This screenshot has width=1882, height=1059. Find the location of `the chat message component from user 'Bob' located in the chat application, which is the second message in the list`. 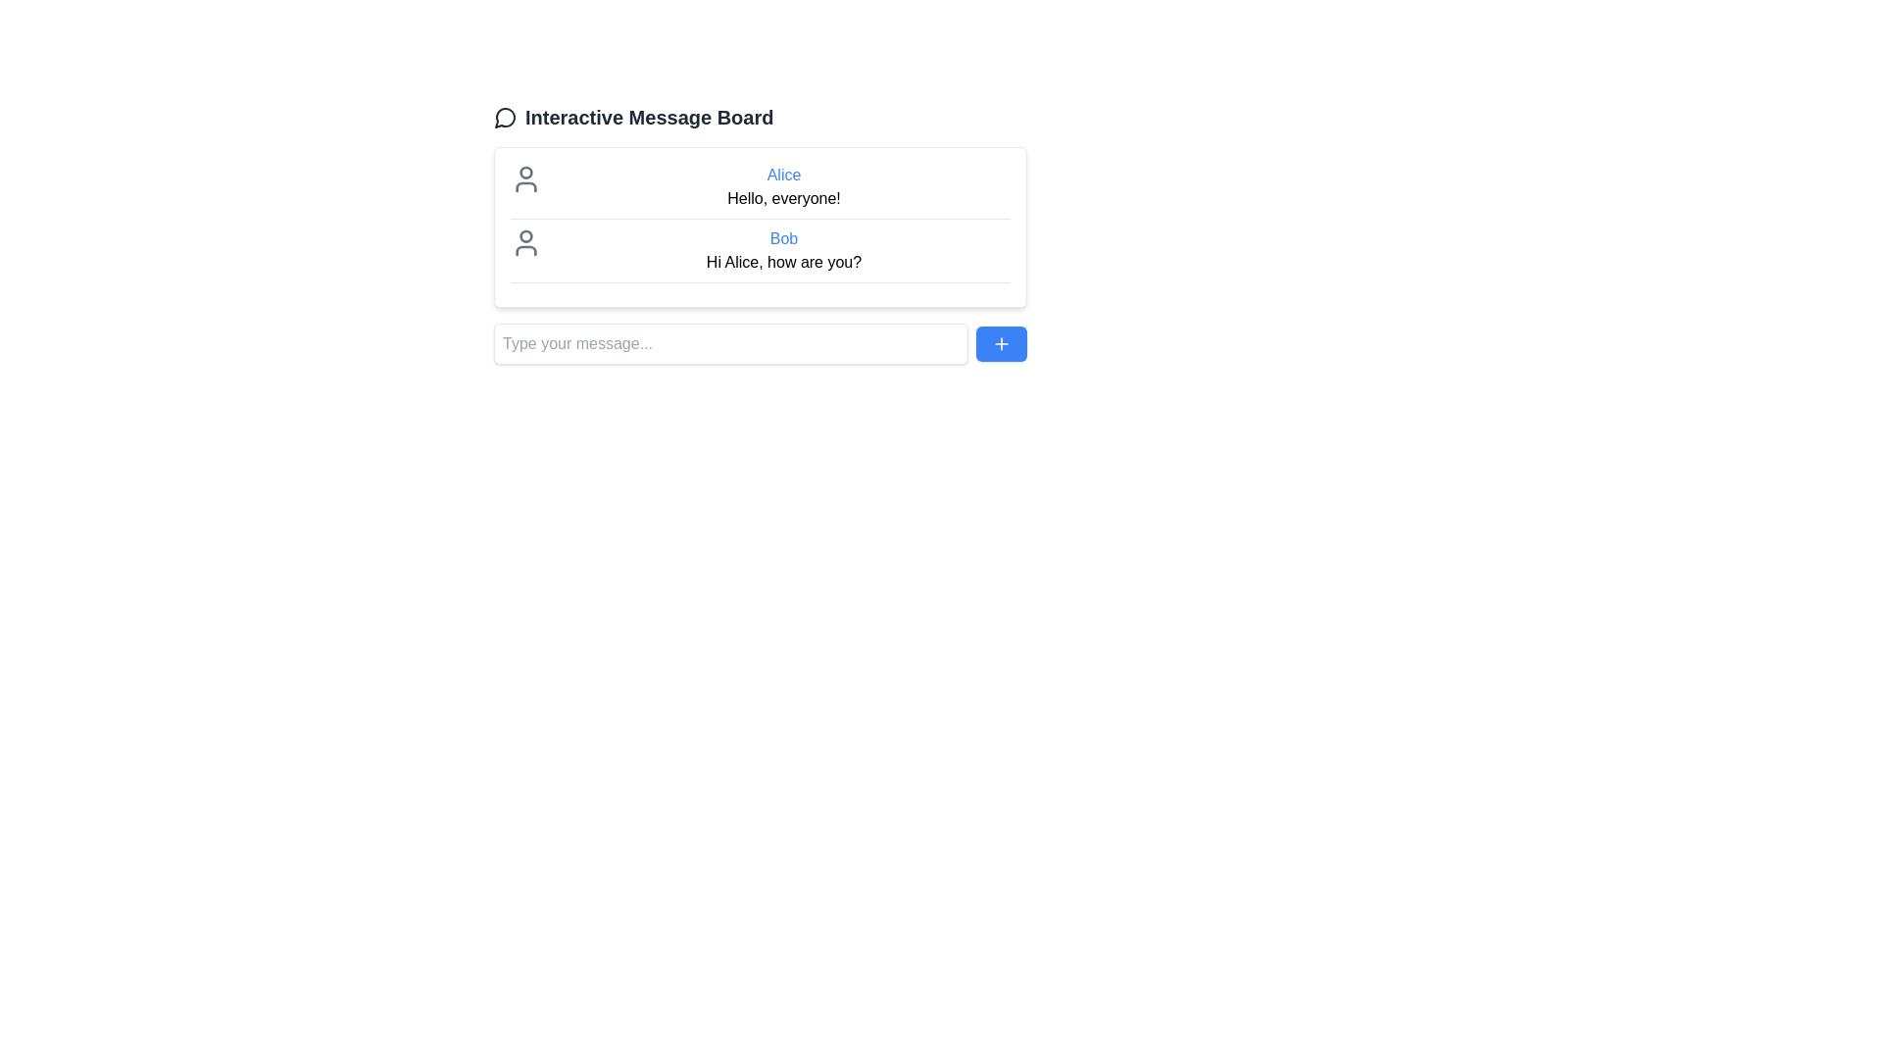

the chat message component from user 'Bob' located in the chat application, which is the second message in the list is located at coordinates (760, 254).